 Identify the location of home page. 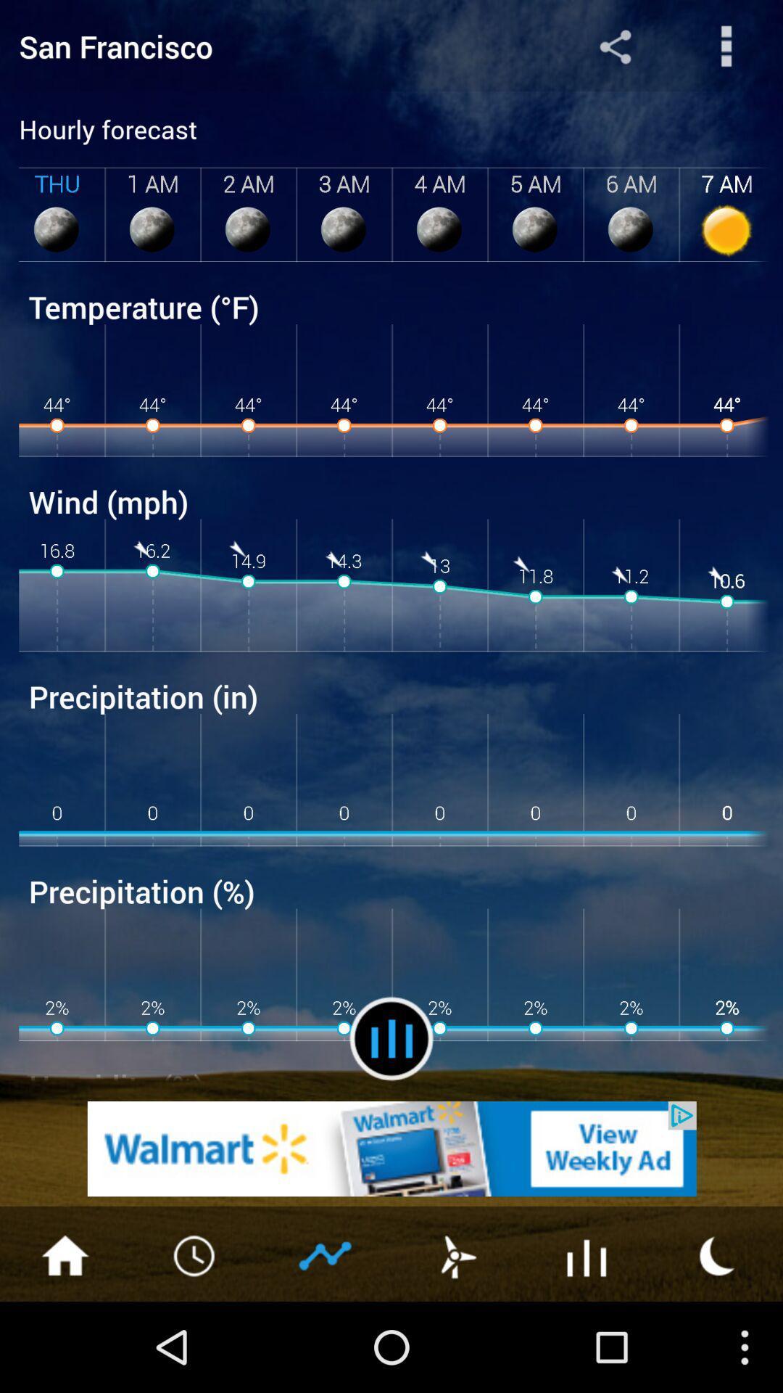
(64, 1254).